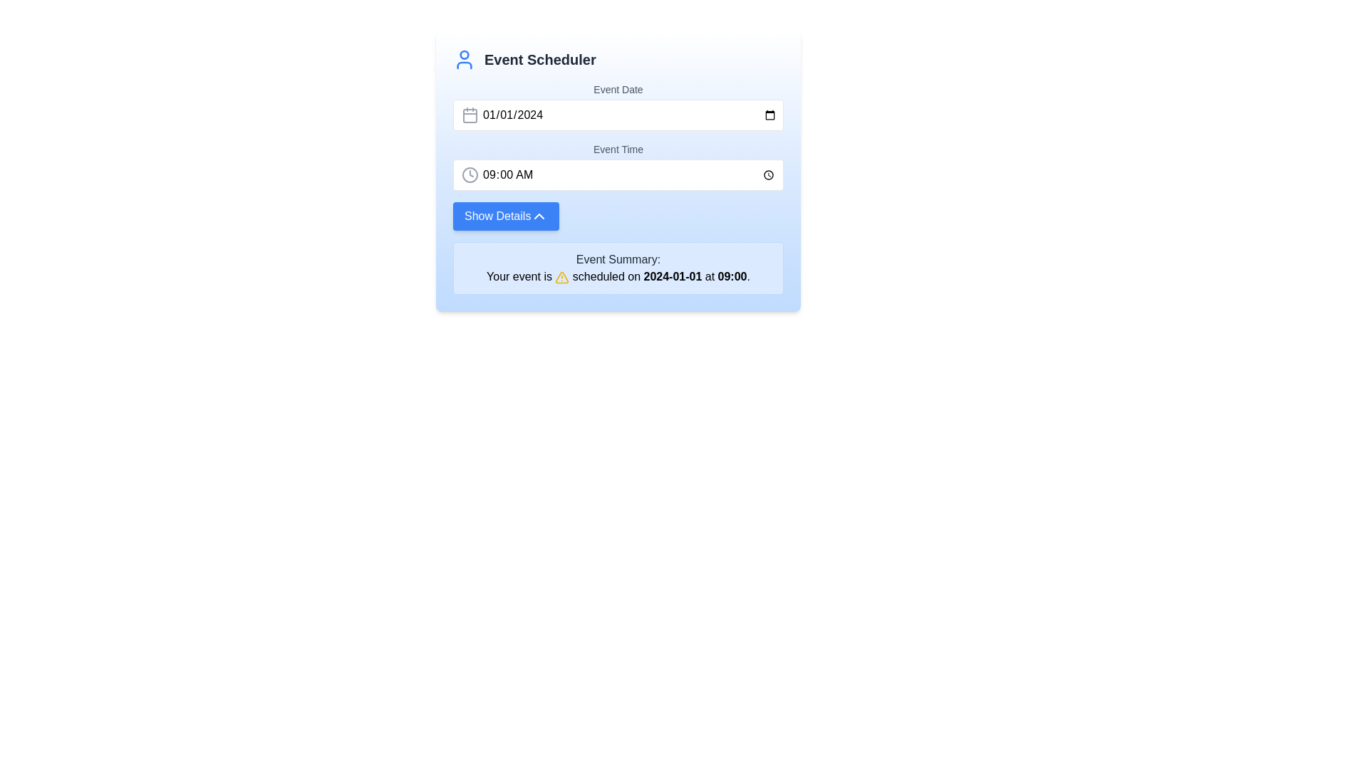 Image resolution: width=1368 pixels, height=769 pixels. Describe the element at coordinates (539, 216) in the screenshot. I see `the small upward-pointing chevron icon located at the right side of the 'Show Details' button text` at that location.